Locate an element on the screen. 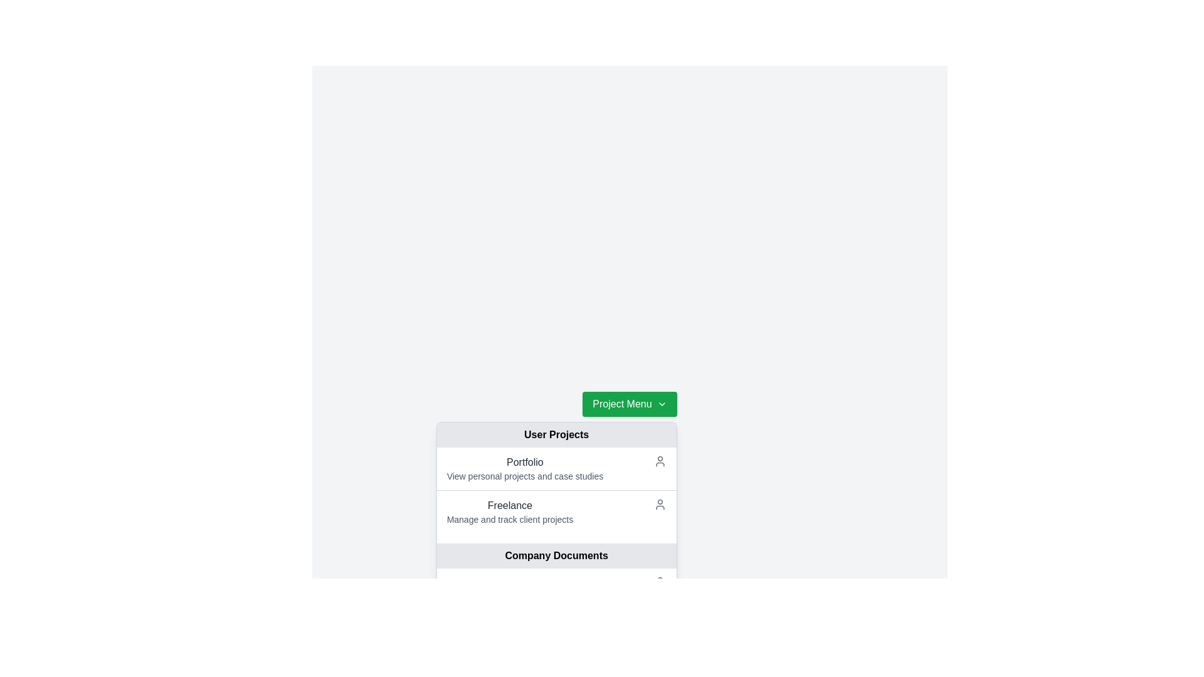 The width and height of the screenshot is (1204, 677). the 'Freelance' text label located in the 'User Projects' section of the dropdown menu is located at coordinates (510, 505).